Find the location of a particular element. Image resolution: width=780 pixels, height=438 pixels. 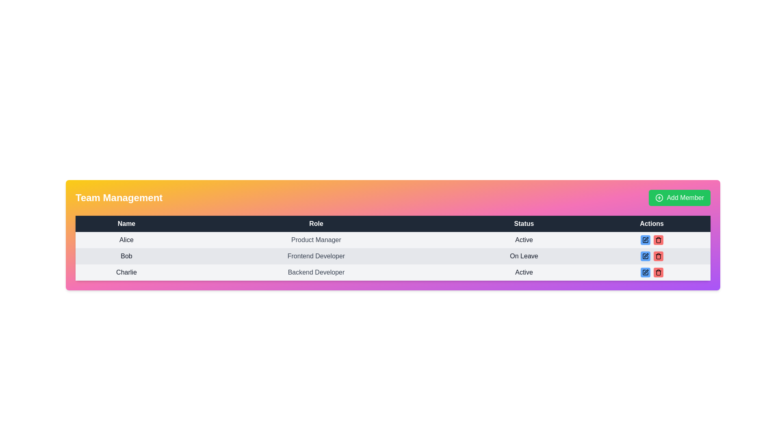

the context of the interface is located at coordinates (118, 198).